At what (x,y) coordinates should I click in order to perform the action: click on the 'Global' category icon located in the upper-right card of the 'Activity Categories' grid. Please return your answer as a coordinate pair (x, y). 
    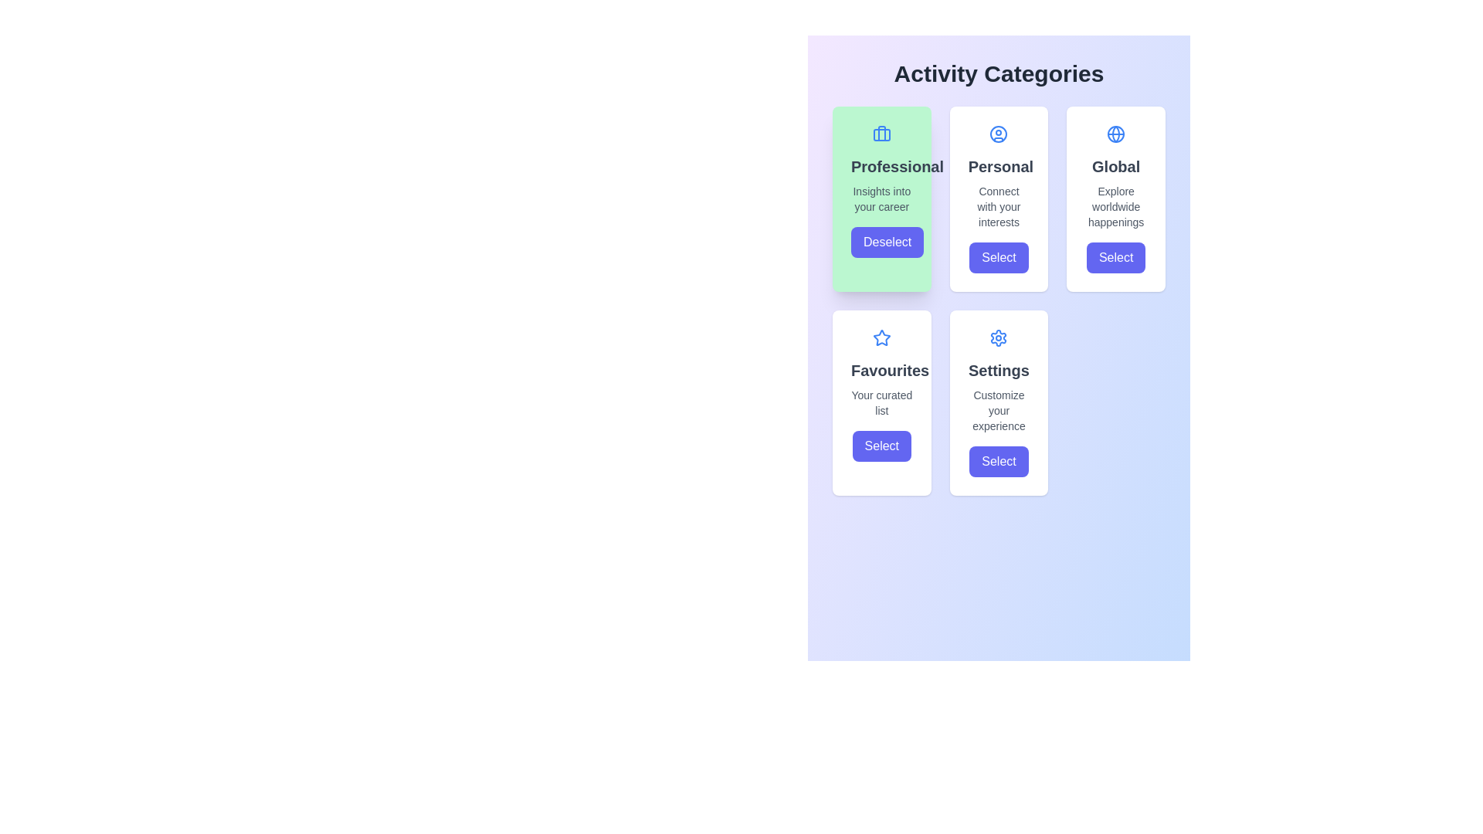
    Looking at the image, I should click on (1116, 133).